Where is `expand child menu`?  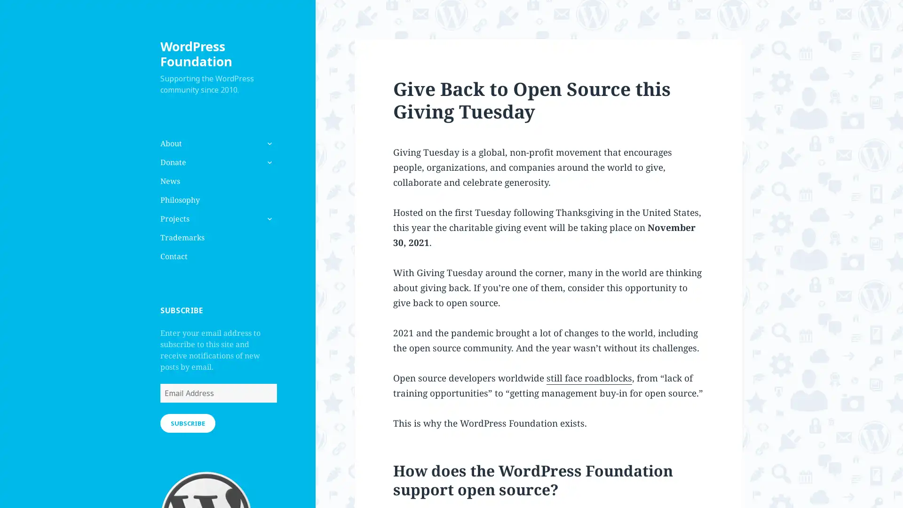
expand child menu is located at coordinates (268, 161).